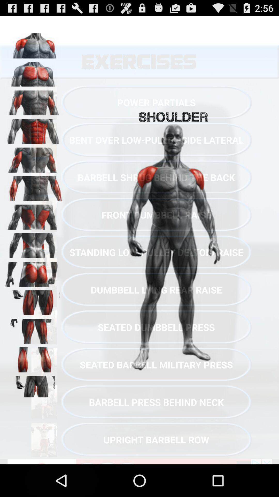 This screenshot has height=497, width=279. Describe the element at coordinates (34, 101) in the screenshot. I see `see this image` at that location.